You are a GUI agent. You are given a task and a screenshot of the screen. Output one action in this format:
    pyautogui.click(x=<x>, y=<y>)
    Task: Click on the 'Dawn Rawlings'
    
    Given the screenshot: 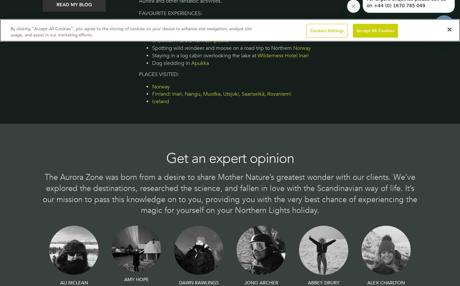 What is the action you would take?
    pyautogui.click(x=198, y=282)
    